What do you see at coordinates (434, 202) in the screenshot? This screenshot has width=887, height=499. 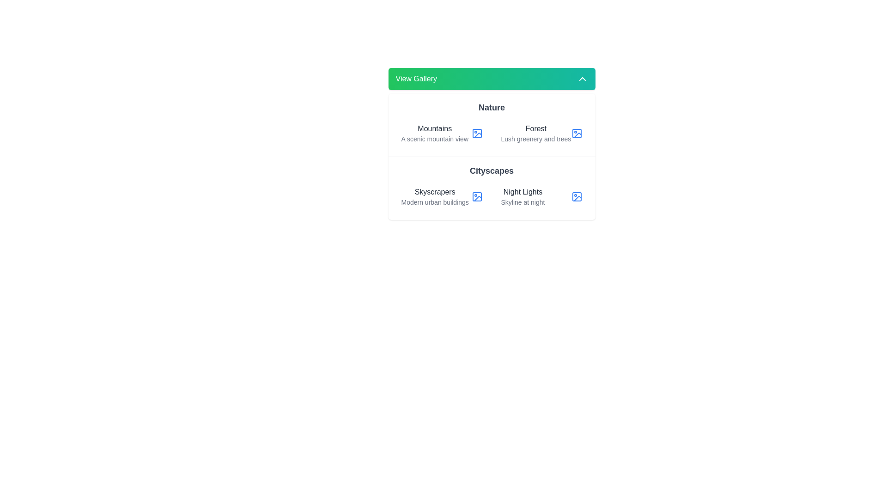 I see `the text label displaying 'Modern urban buildings', which is located at the bottom-left of the 'Cityscapes' section, directly under the bold 'Skyscrapers' text` at bounding box center [434, 202].